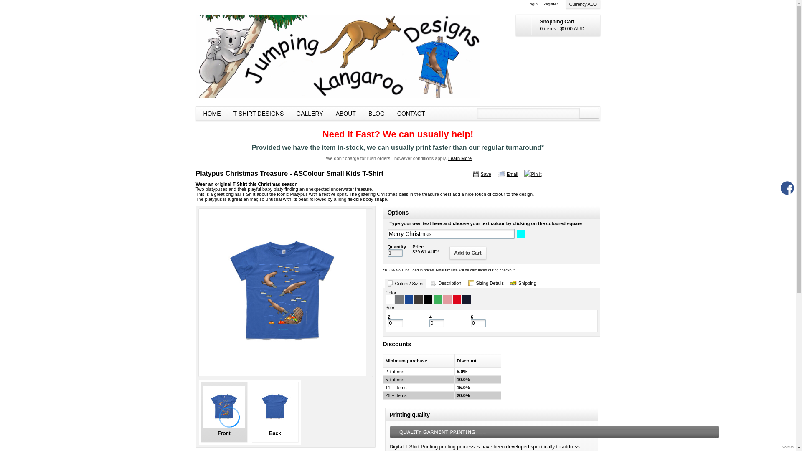 Image resolution: width=802 pixels, height=451 pixels. What do you see at coordinates (486, 283) in the screenshot?
I see `'Sizing Details'` at bounding box center [486, 283].